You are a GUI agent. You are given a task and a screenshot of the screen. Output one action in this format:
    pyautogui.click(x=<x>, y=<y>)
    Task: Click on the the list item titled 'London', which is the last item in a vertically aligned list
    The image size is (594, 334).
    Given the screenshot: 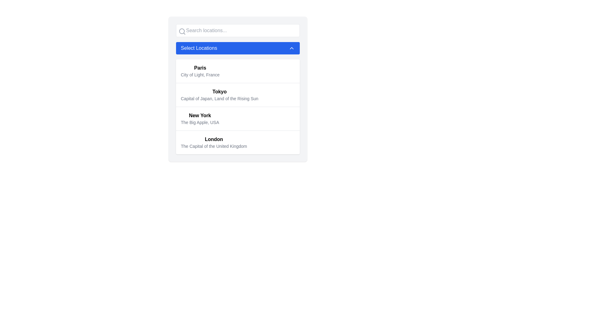 What is the action you would take?
    pyautogui.click(x=237, y=142)
    